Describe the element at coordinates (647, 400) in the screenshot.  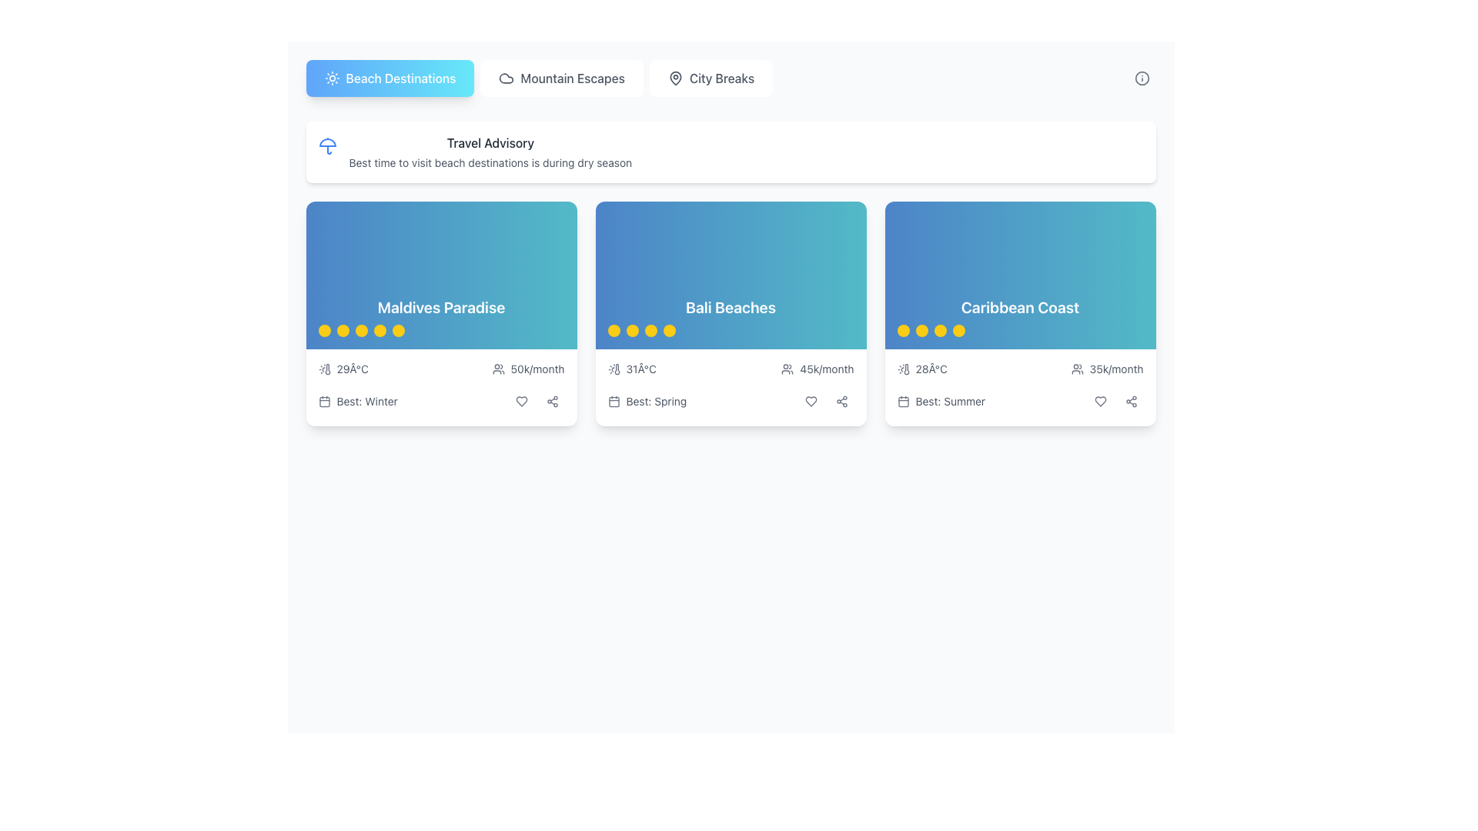
I see `the text and icon combination that indicates the best season to visit the destination on the 'Bali Beaches' card, located in the bottom section under the rating and cost information` at that location.